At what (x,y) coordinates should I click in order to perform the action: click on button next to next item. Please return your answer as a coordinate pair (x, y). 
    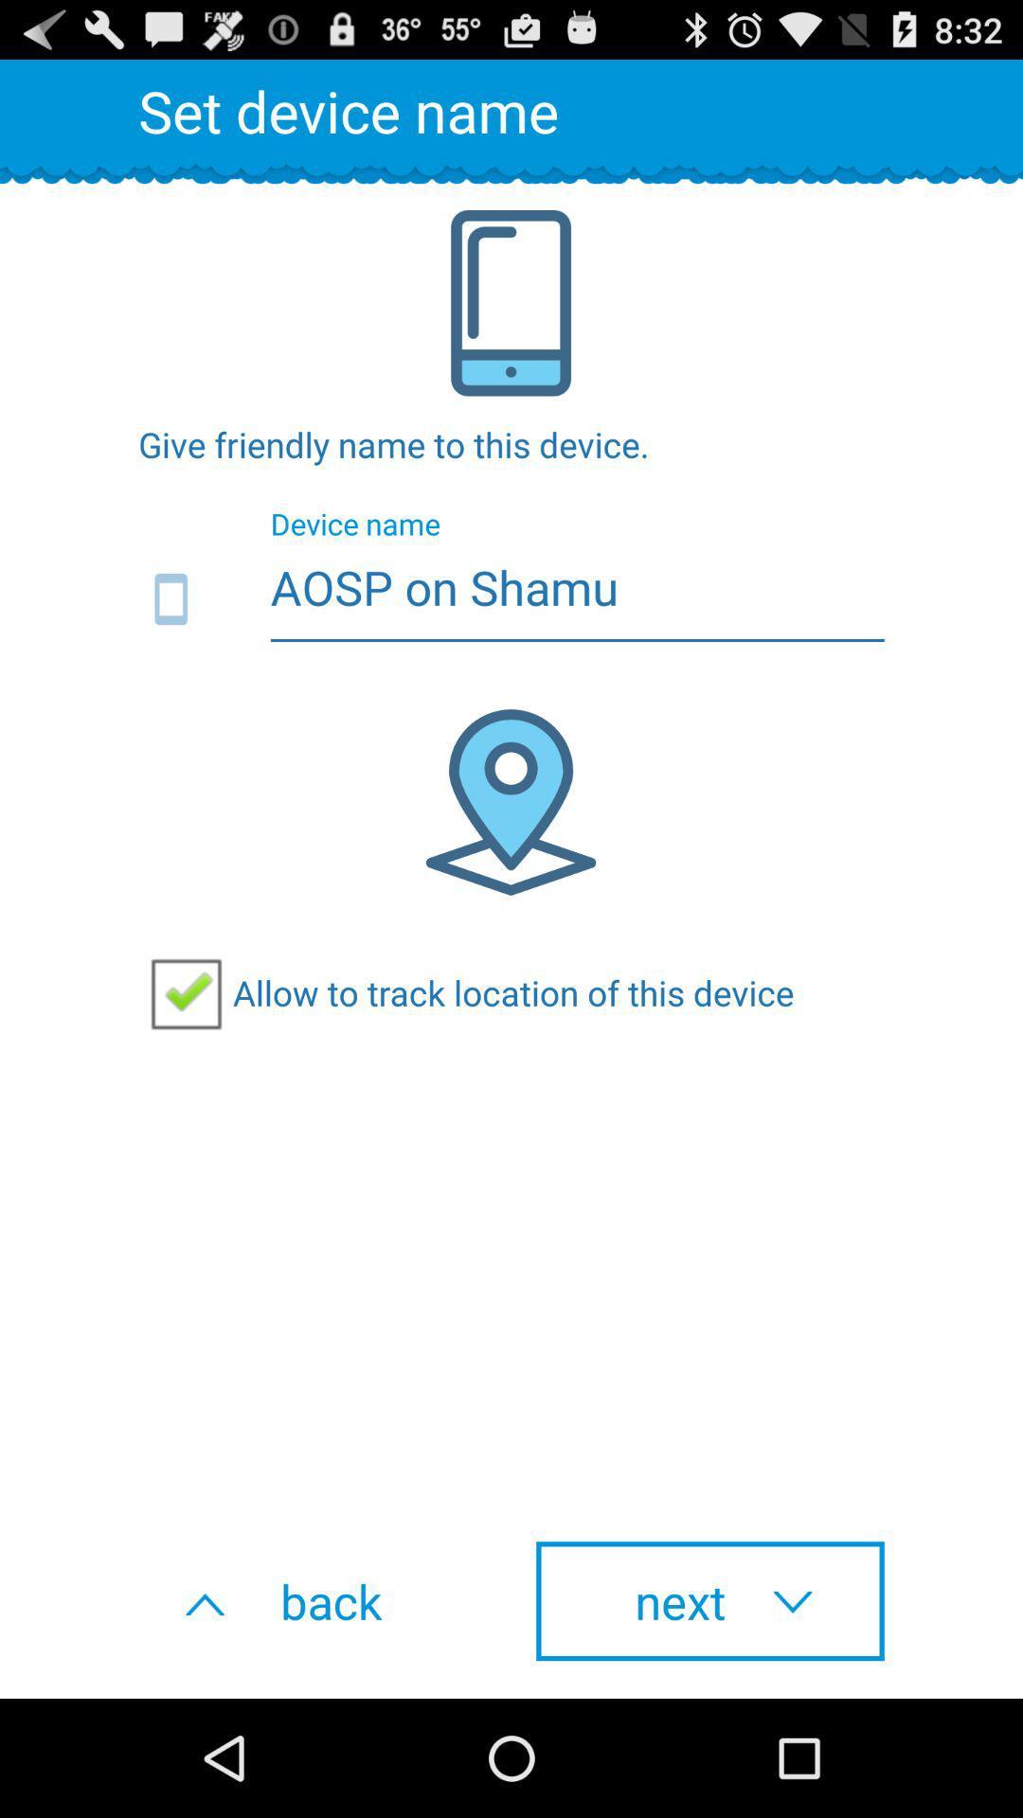
    Looking at the image, I should click on (312, 1600).